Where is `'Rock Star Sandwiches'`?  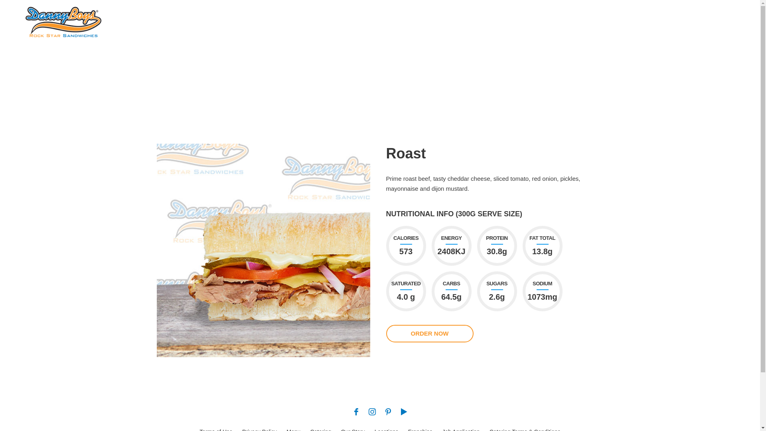 'Rock Star Sandwiches' is located at coordinates (25, 20).